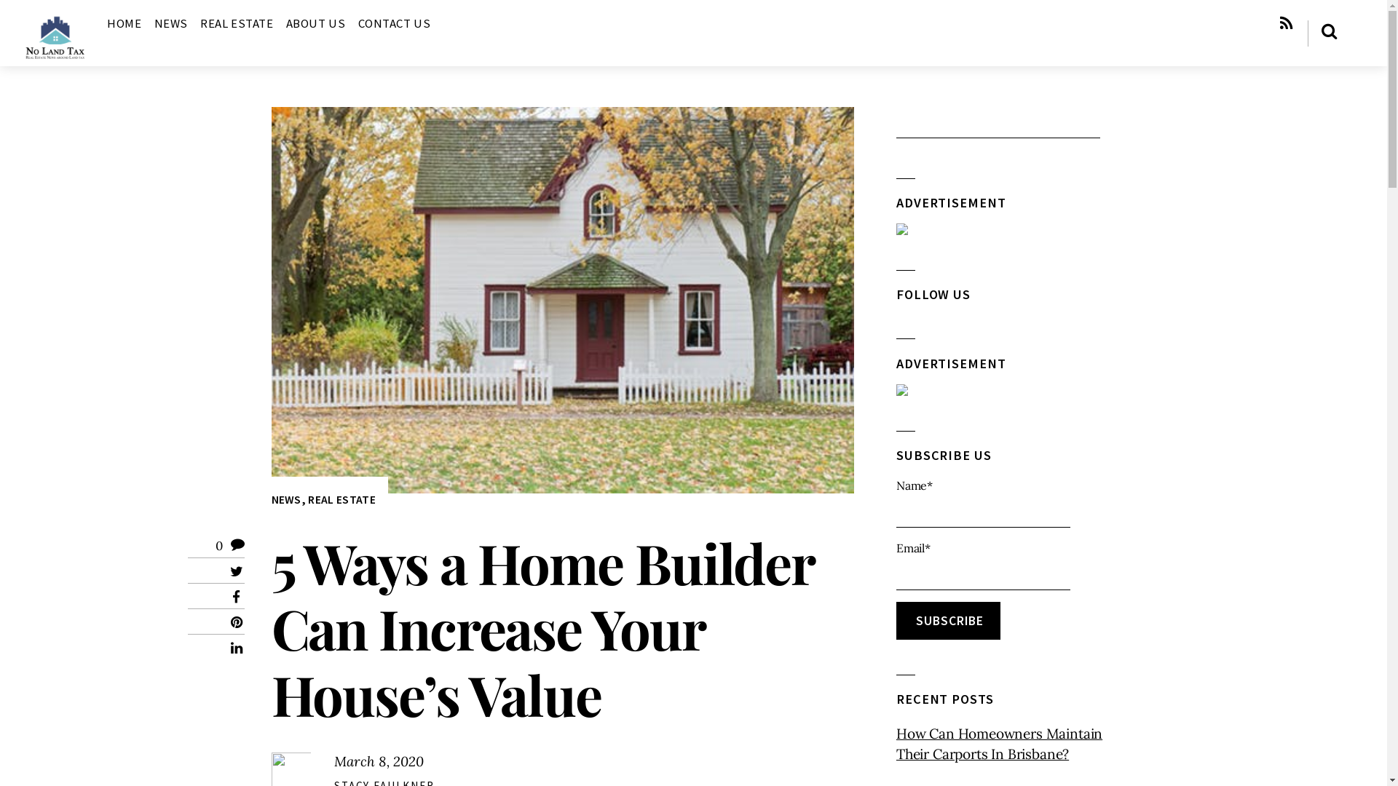 The width and height of the screenshot is (1398, 786). Describe the element at coordinates (236, 647) in the screenshot. I see `'LinkedIn'` at that location.